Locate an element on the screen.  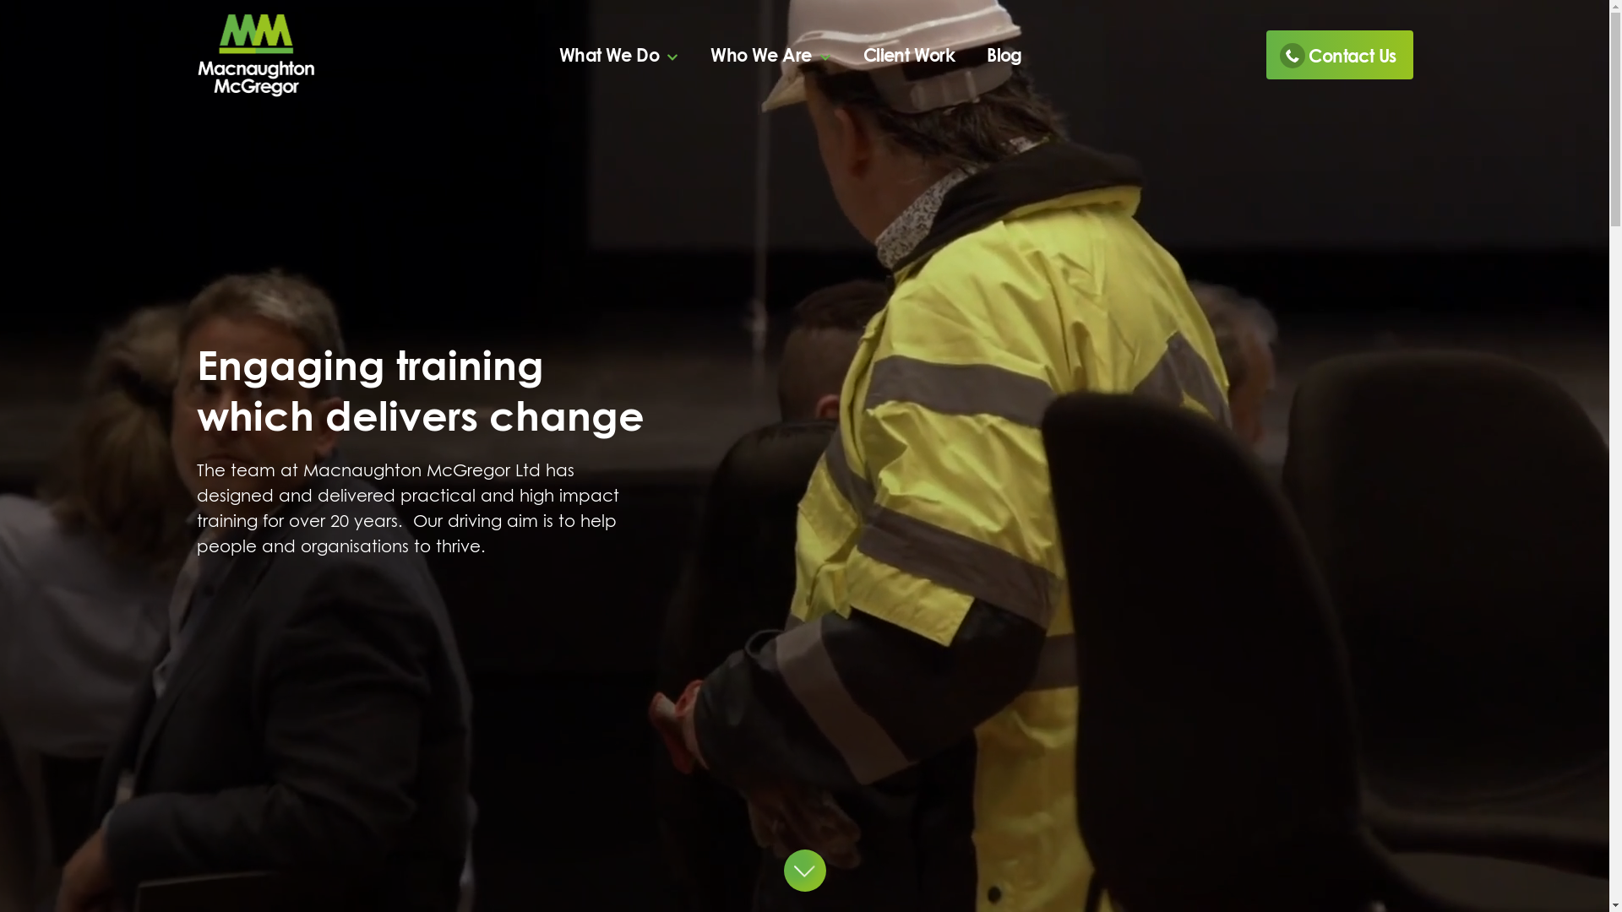
'Visit our Homepage' is located at coordinates (254, 52).